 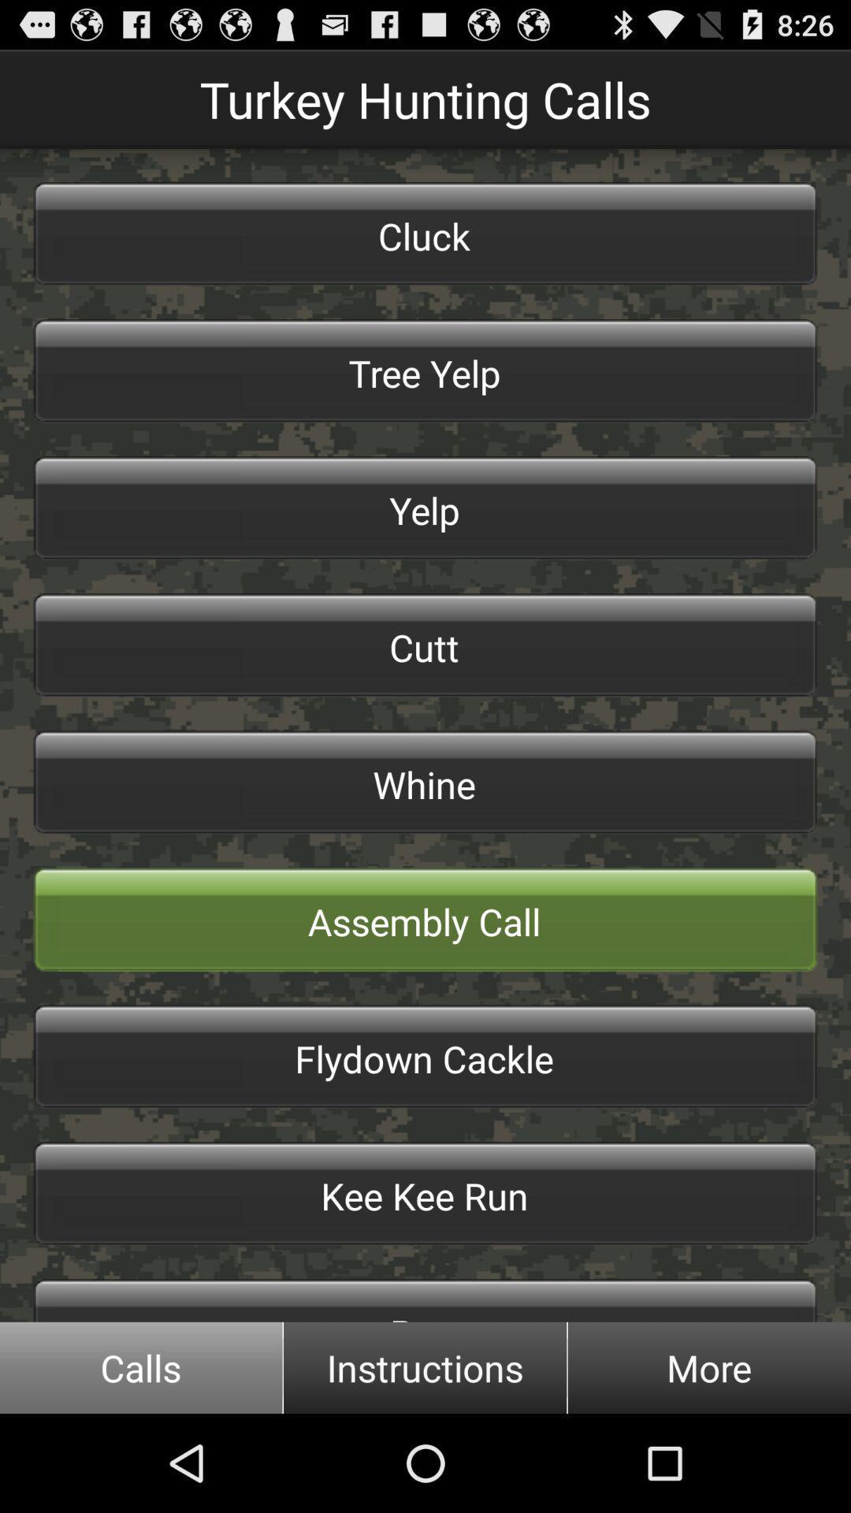 I want to click on the button above the tree yelp button, so click(x=425, y=233).